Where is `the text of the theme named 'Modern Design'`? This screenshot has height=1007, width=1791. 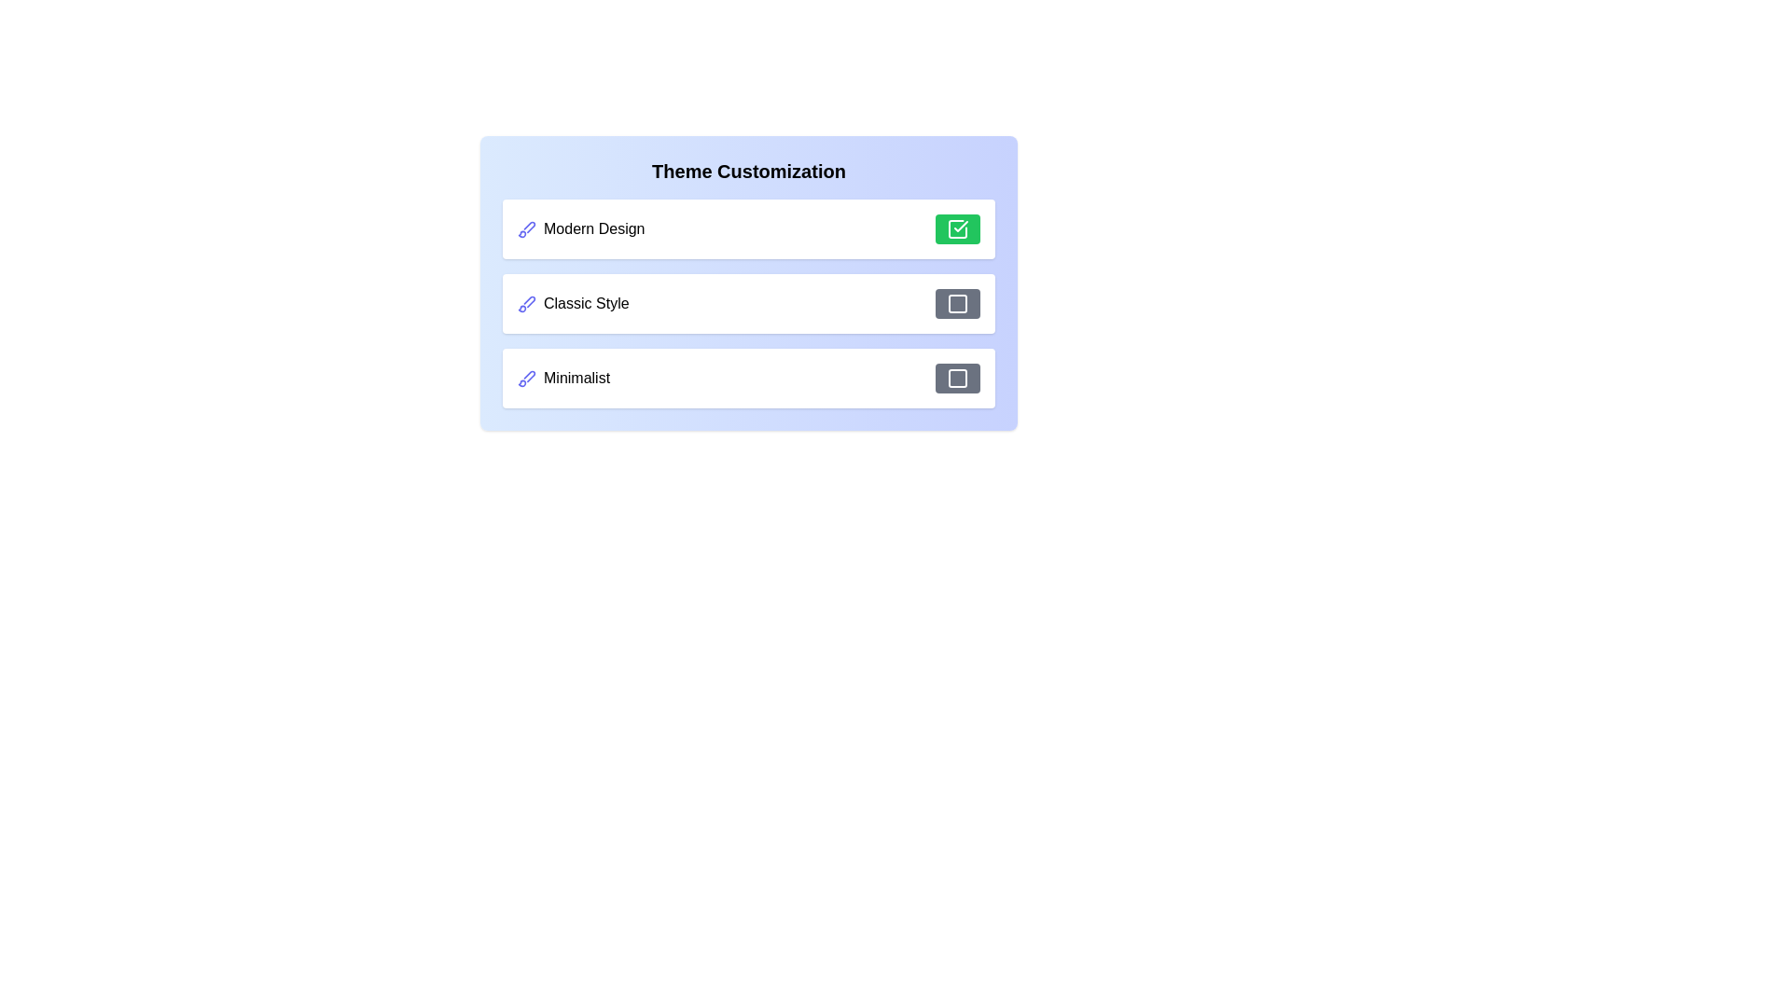 the text of the theme named 'Modern Design' is located at coordinates (580, 228).